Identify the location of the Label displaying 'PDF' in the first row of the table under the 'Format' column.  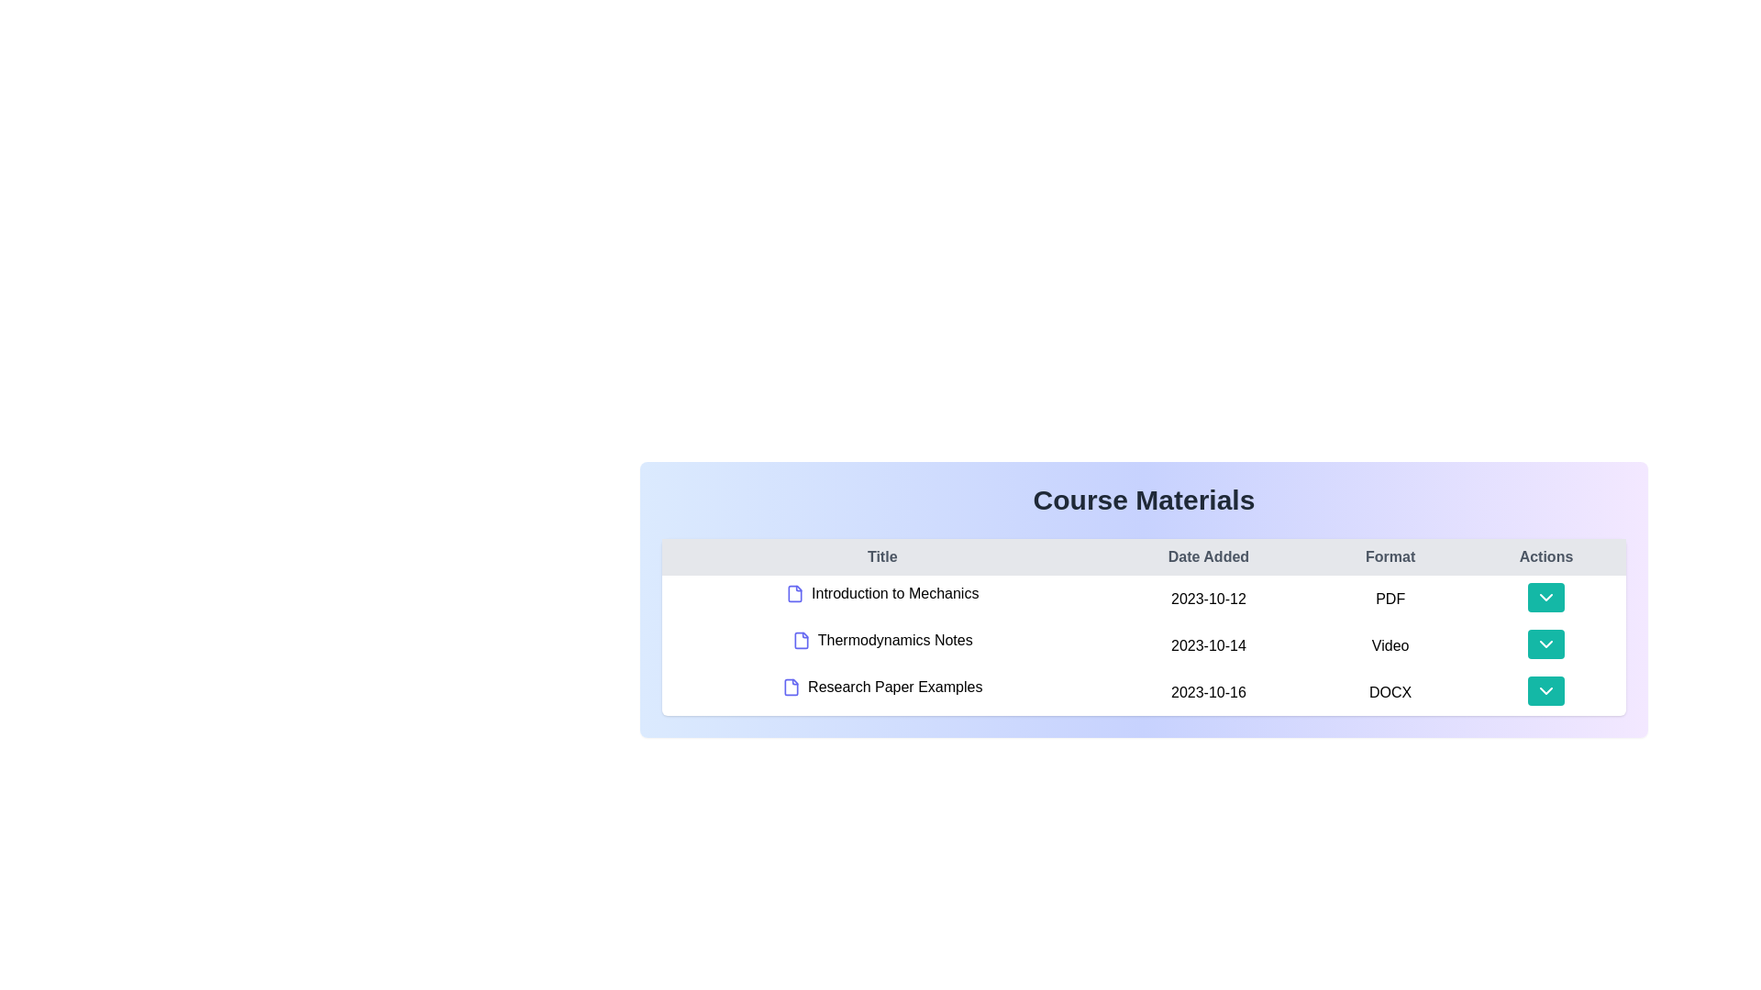
(1390, 599).